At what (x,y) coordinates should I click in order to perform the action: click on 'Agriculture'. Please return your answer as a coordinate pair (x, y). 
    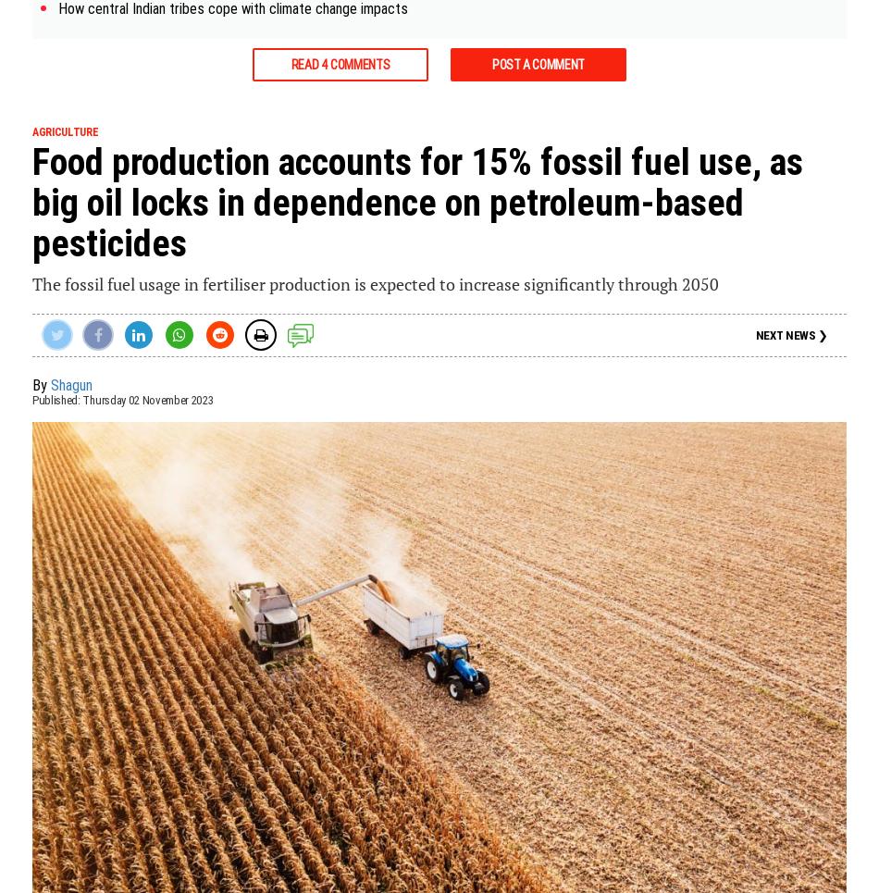
    Looking at the image, I should click on (65, 131).